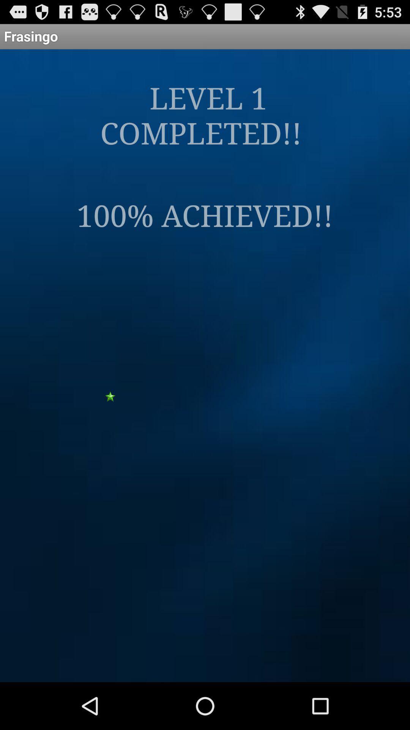 Image resolution: width=410 pixels, height=730 pixels. What do you see at coordinates (204, 214) in the screenshot?
I see `100% achieved!!  icon` at bounding box center [204, 214].